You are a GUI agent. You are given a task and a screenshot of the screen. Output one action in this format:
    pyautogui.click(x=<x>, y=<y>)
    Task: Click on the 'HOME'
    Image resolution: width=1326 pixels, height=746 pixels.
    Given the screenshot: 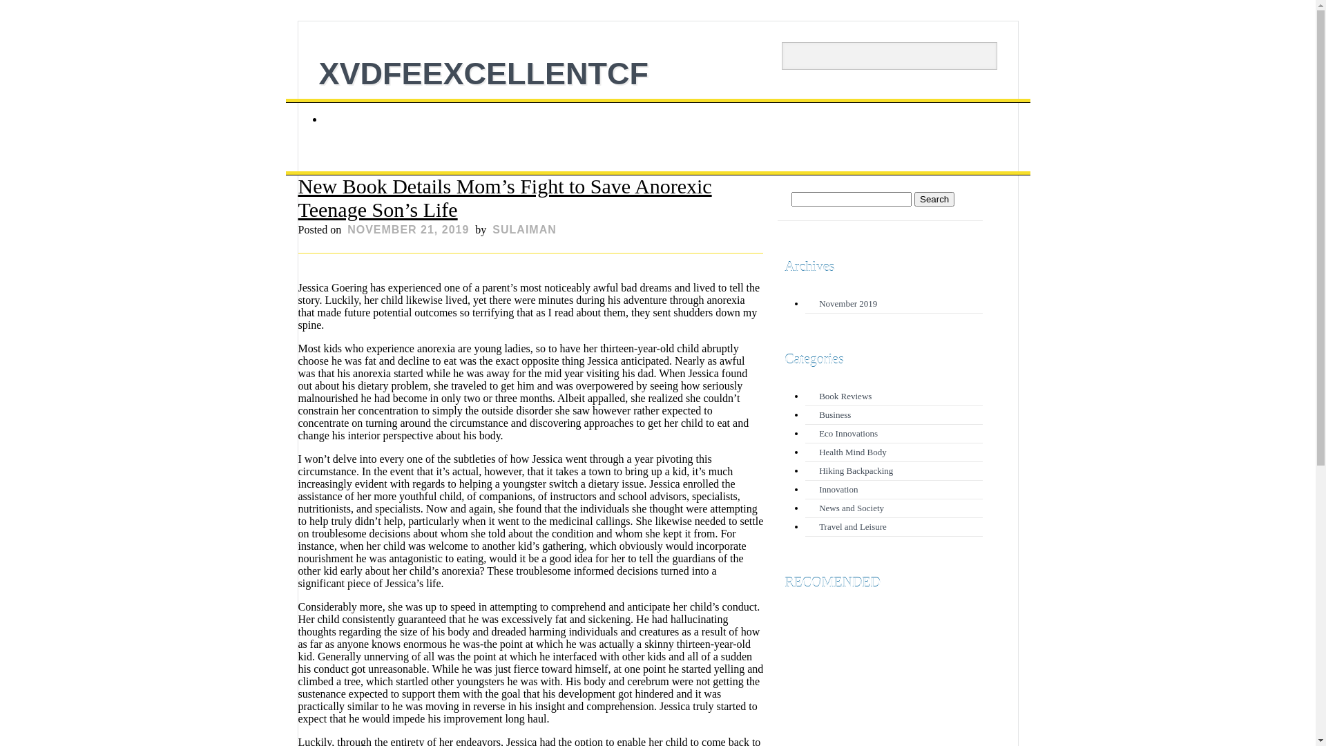 What is the action you would take?
    pyautogui.click(x=349, y=119)
    